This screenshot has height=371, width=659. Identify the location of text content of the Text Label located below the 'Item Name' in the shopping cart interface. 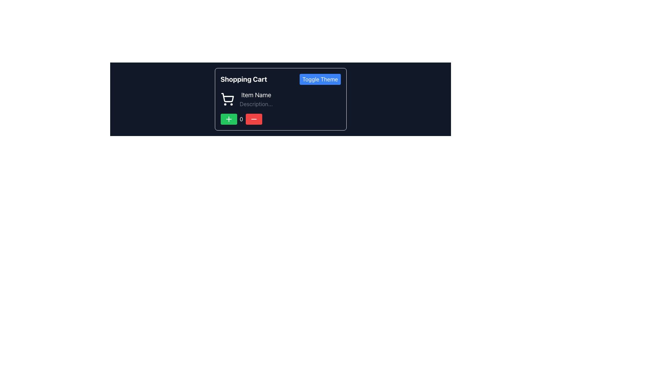
(256, 104).